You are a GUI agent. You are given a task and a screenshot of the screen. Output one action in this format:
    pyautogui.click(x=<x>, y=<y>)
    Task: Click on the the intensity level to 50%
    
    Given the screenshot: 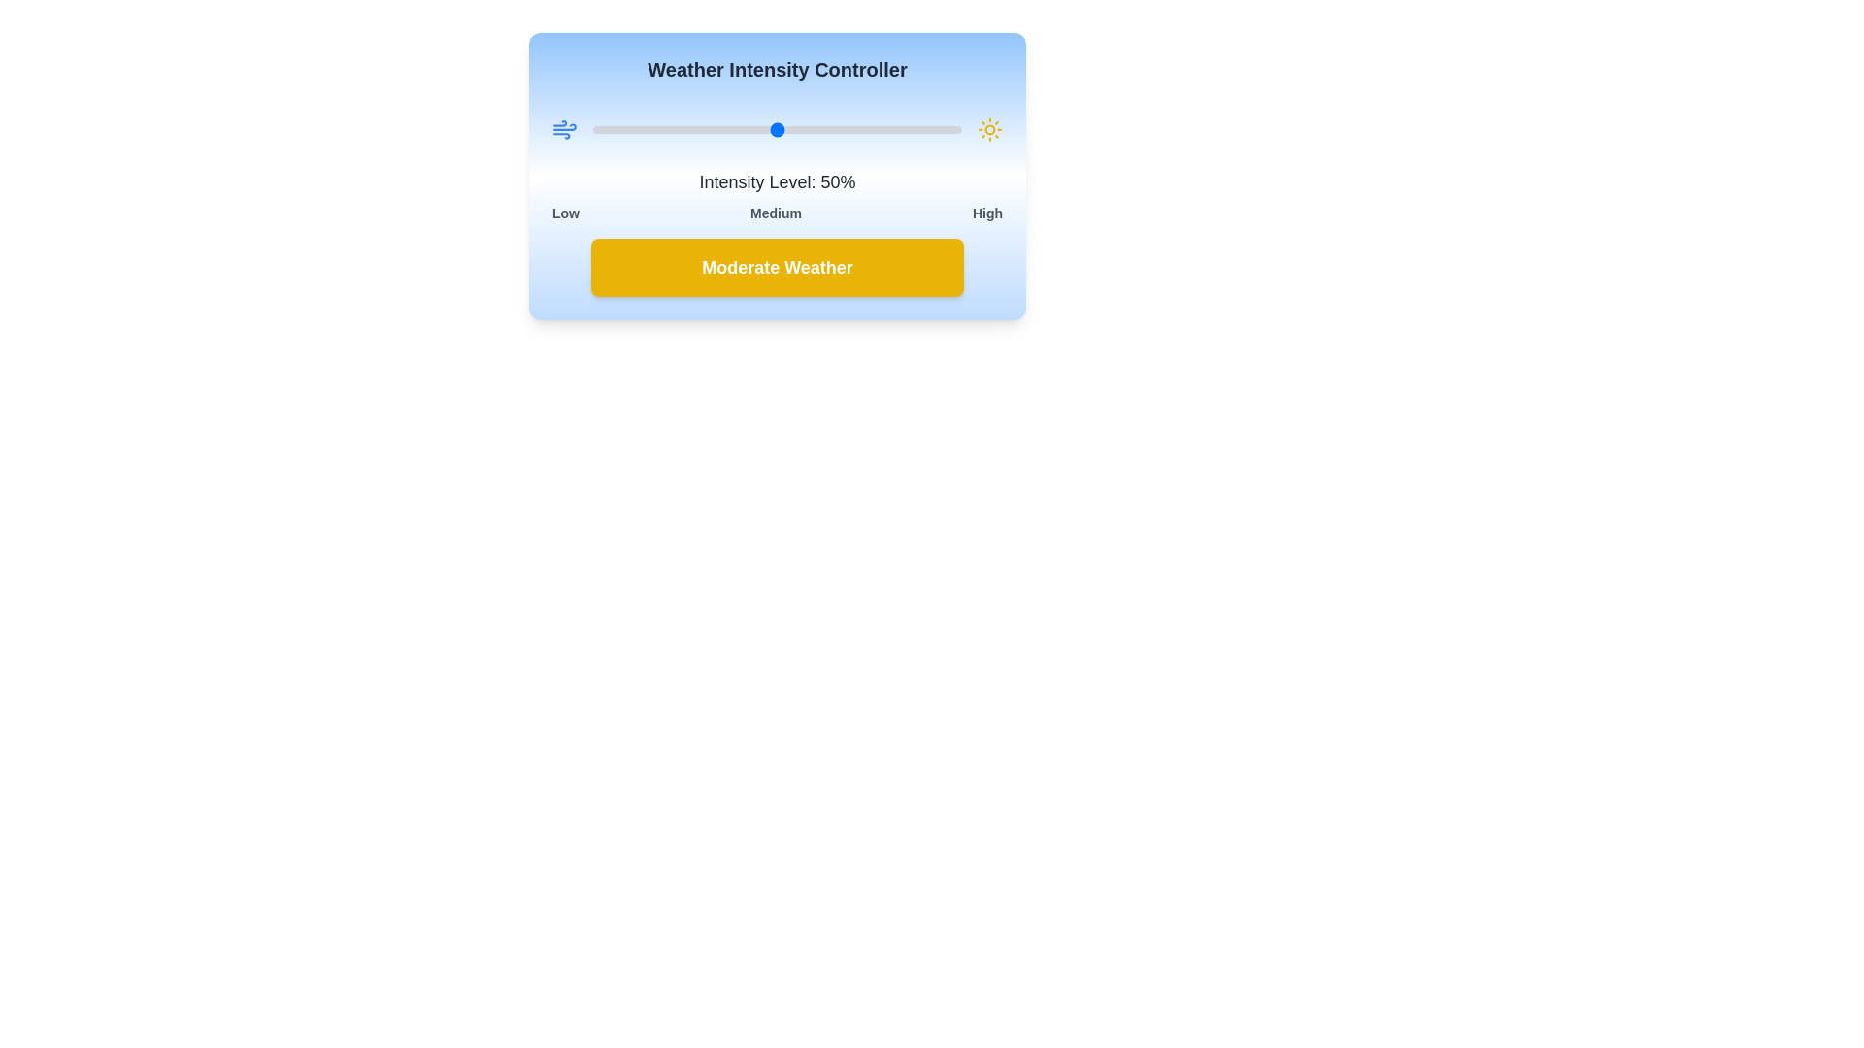 What is the action you would take?
    pyautogui.click(x=778, y=130)
    